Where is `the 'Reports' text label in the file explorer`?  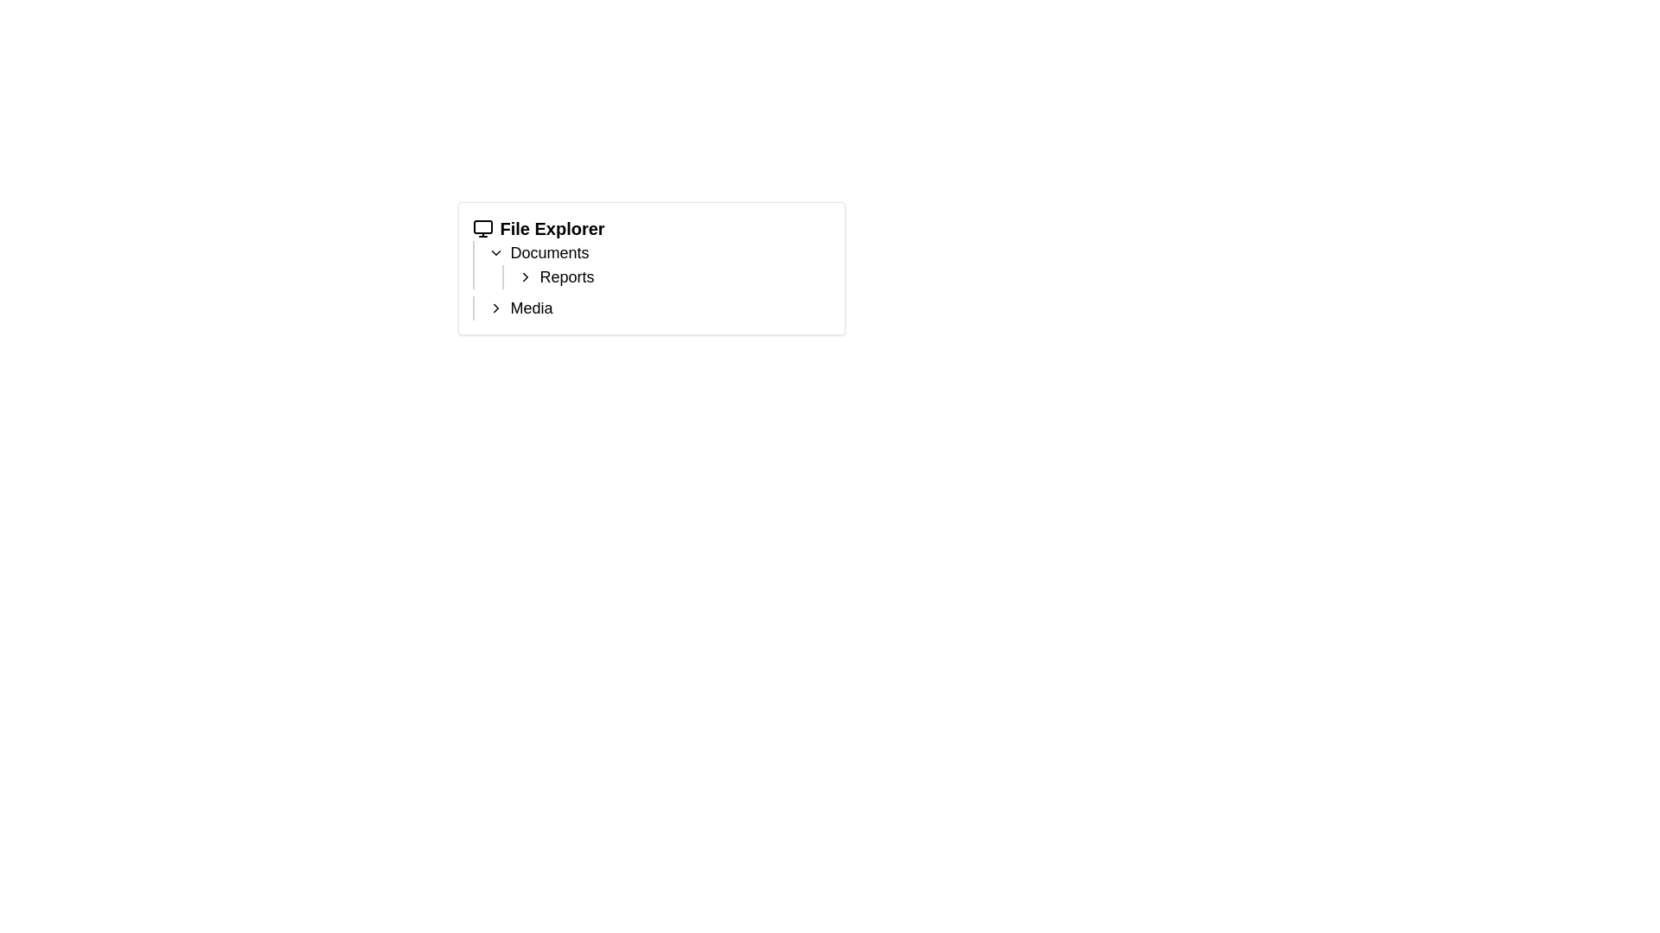 the 'Reports' text label in the file explorer is located at coordinates (567, 276).